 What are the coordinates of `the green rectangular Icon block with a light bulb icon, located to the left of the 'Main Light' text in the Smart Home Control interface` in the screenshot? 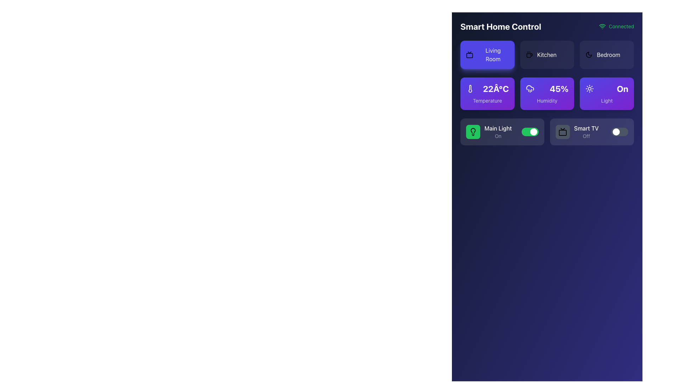 It's located at (473, 132).